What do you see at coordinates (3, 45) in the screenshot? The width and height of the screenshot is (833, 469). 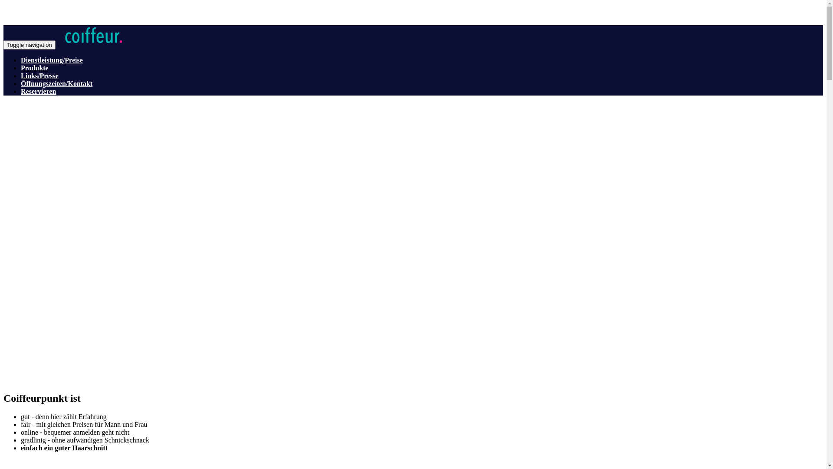 I see `'Toggle navigation'` at bounding box center [3, 45].